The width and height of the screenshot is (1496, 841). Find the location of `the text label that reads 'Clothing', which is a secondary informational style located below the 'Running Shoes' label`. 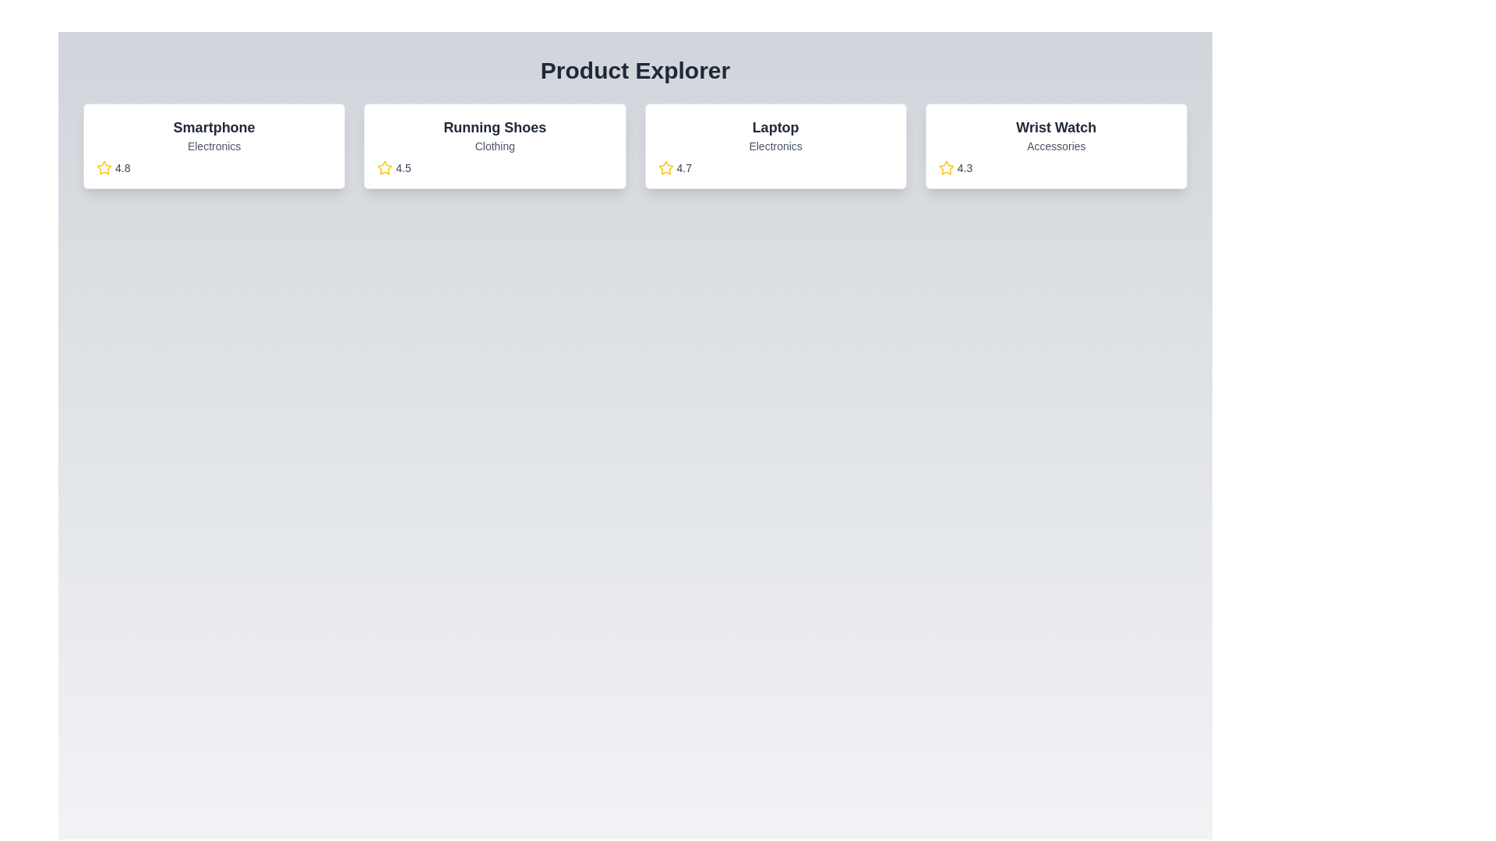

the text label that reads 'Clothing', which is a secondary informational style located below the 'Running Shoes' label is located at coordinates (494, 146).